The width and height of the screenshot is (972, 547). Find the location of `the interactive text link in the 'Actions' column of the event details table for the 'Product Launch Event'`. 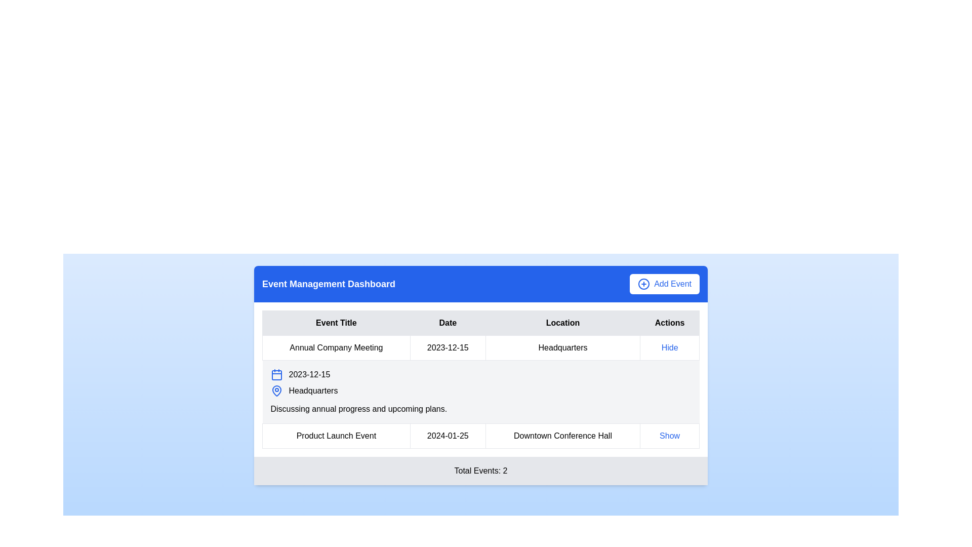

the interactive text link in the 'Actions' column of the event details table for the 'Product Launch Event' is located at coordinates (670, 435).